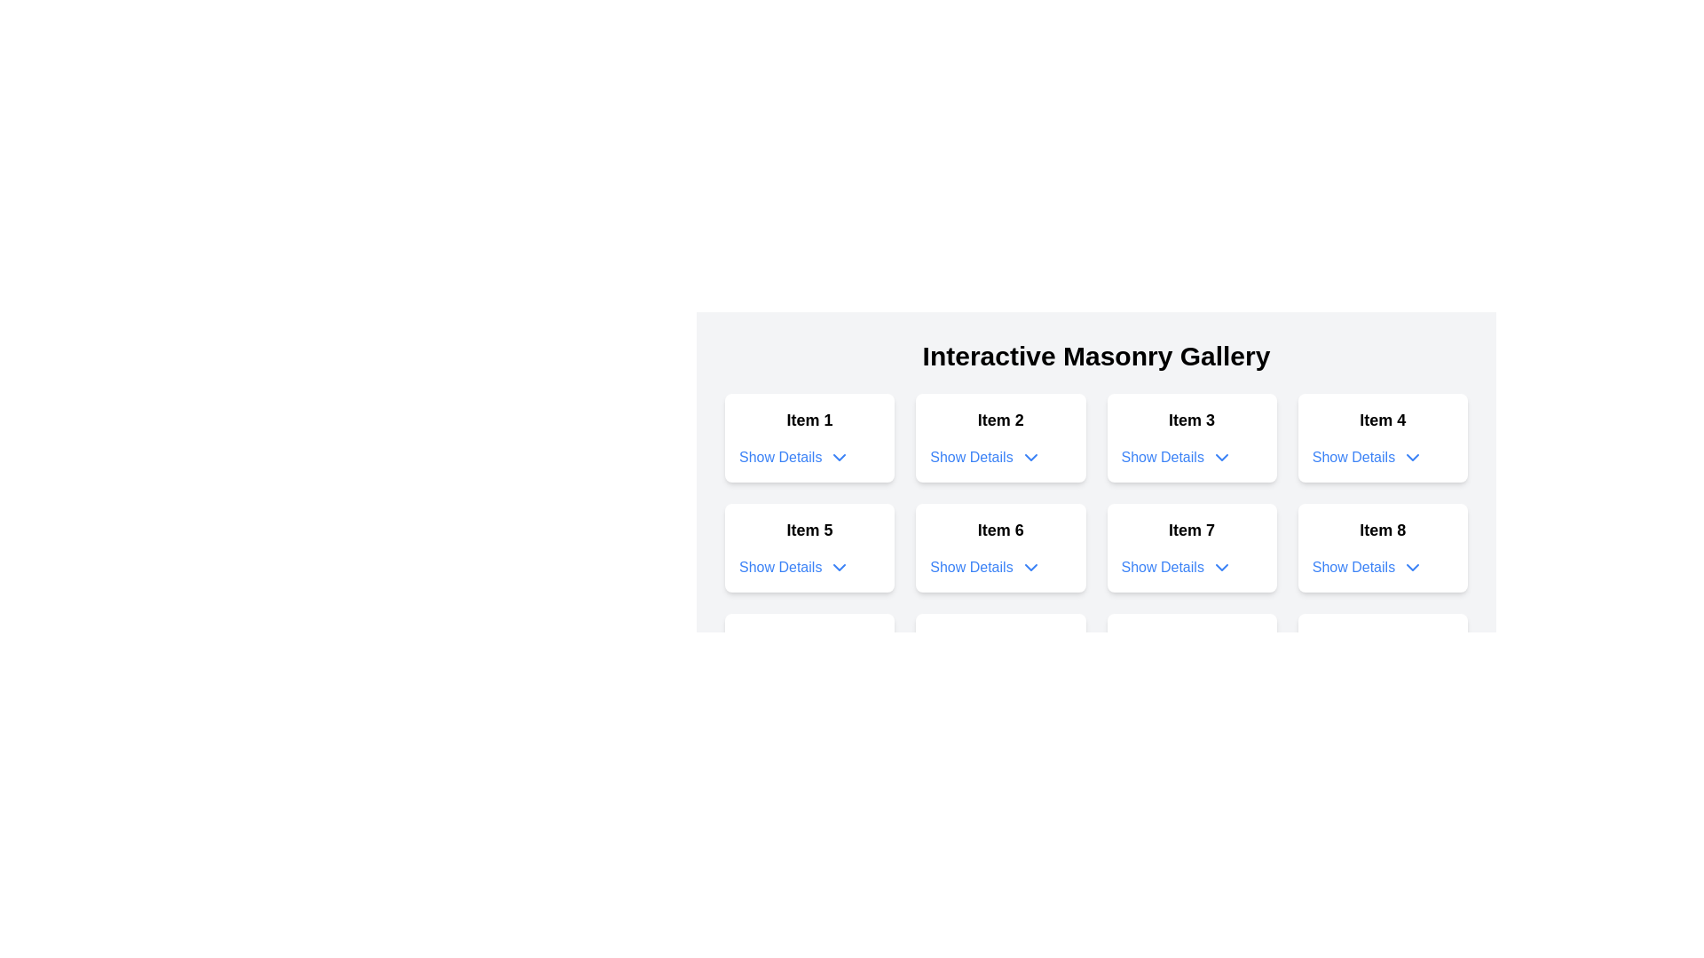  I want to click on the 'Show Details' interactive text label styled in blue and underlined, located in the fourth card of the masonry gallery grid, so click(1353, 457).